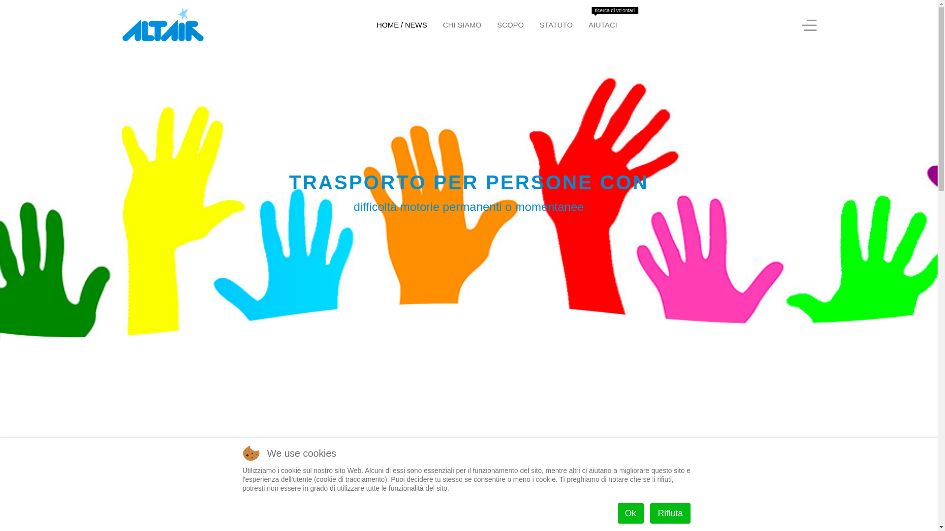 The width and height of the screenshot is (945, 531). I want to click on 'CHI SIAMO', so click(462, 24).